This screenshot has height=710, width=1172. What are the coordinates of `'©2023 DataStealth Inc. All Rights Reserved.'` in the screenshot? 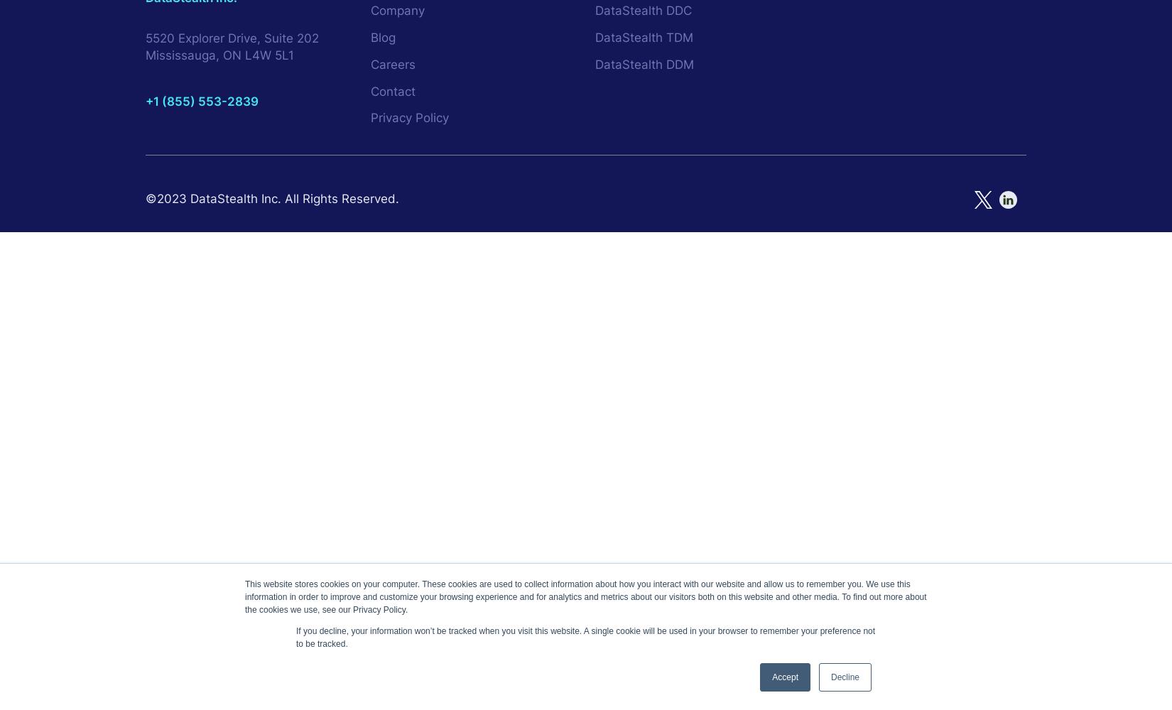 It's located at (145, 199).